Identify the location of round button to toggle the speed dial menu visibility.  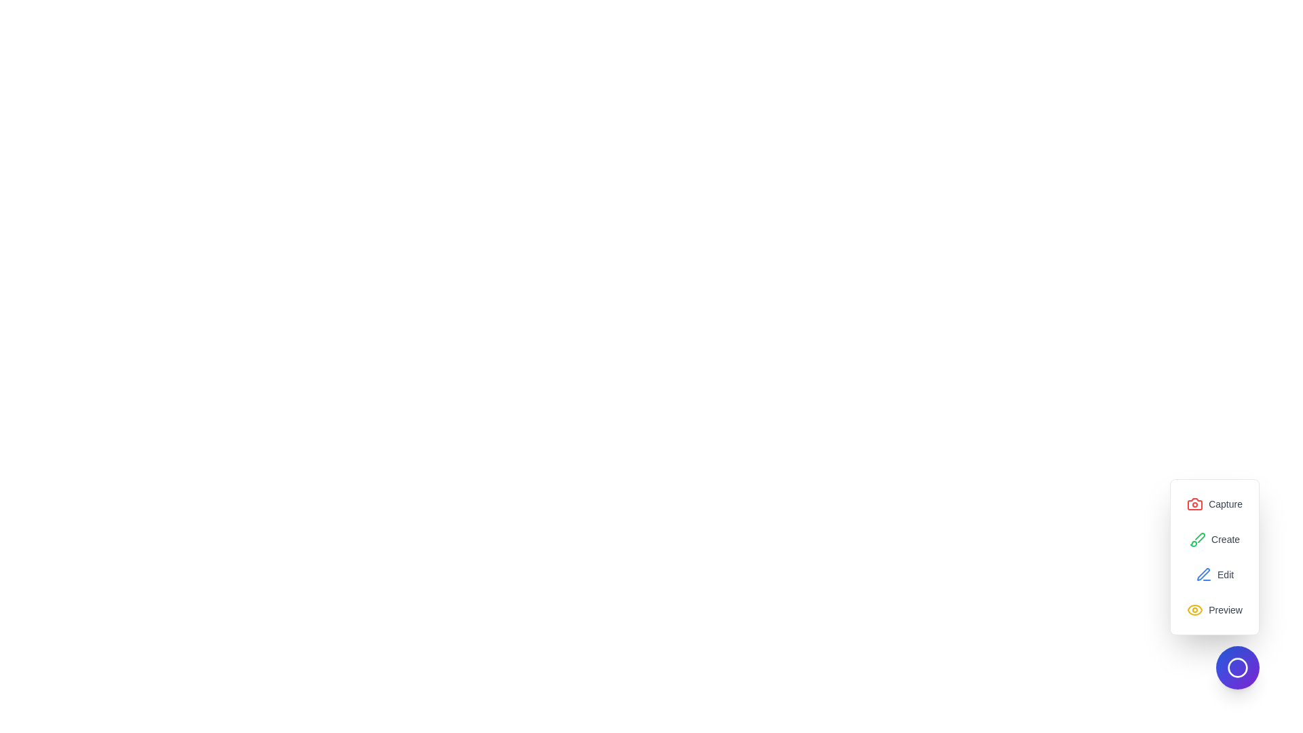
(1238, 666).